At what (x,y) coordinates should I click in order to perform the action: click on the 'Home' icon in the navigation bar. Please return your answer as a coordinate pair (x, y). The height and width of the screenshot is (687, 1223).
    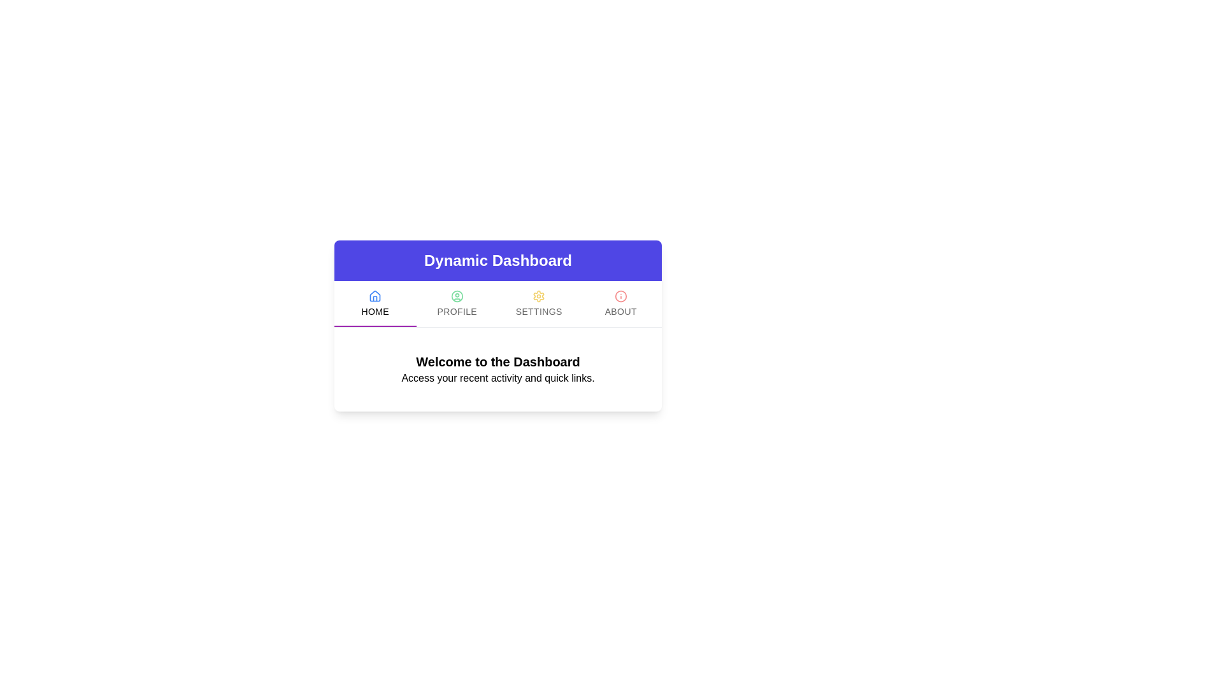
    Looking at the image, I should click on (375, 296).